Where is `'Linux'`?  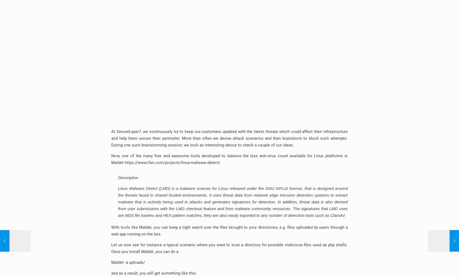
'Linux' is located at coordinates (123, 188).